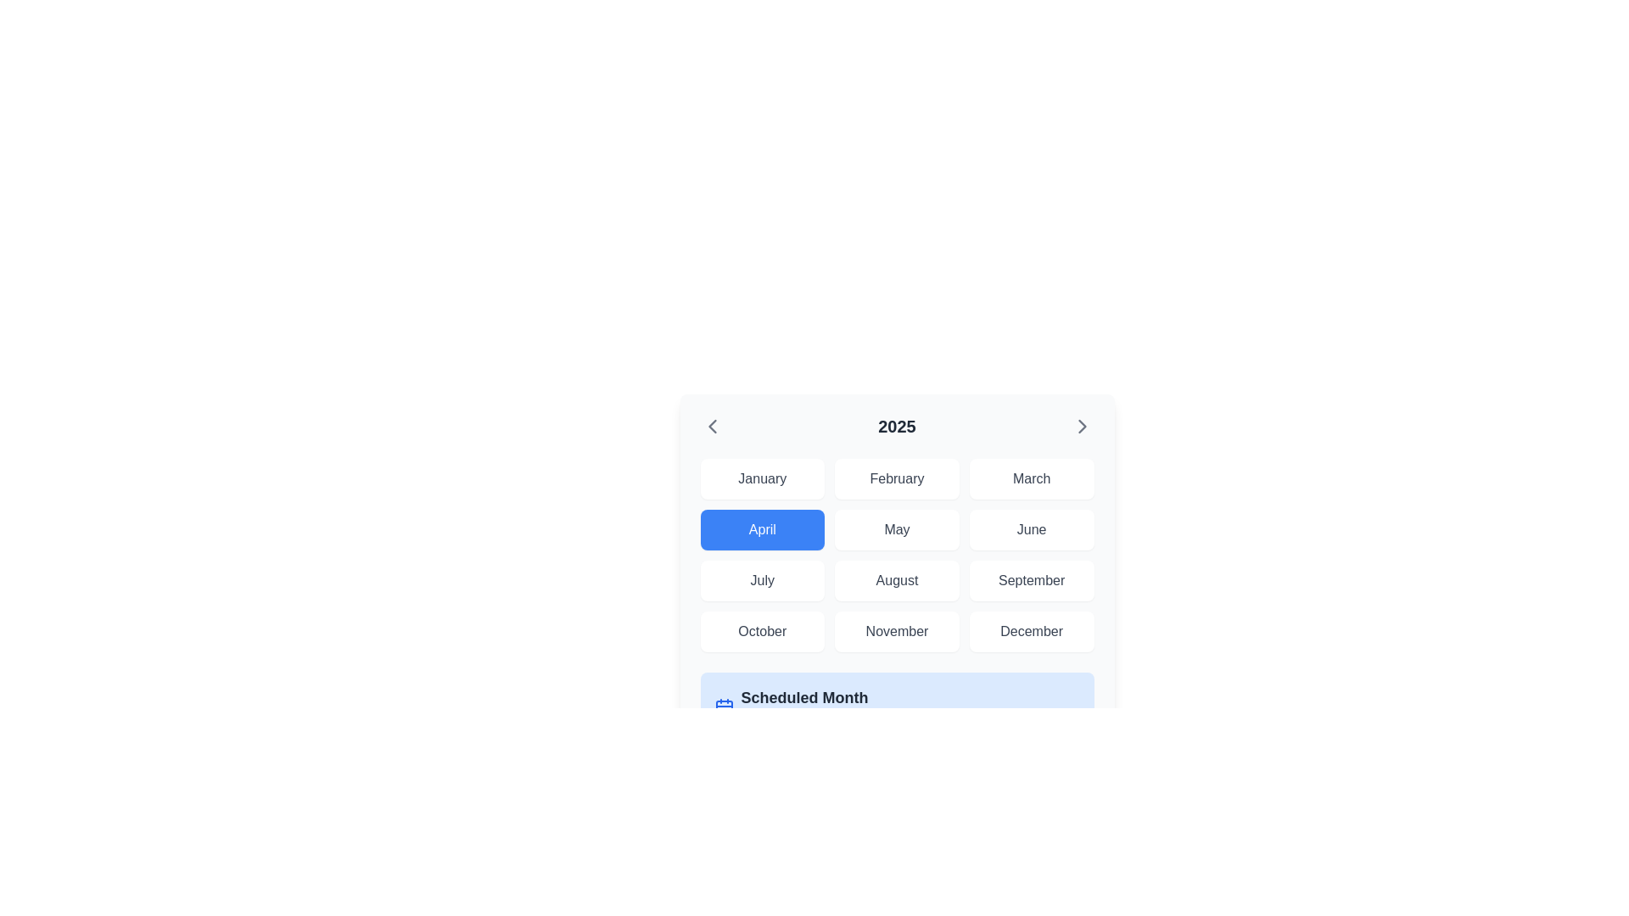 The width and height of the screenshot is (1629, 916). Describe the element at coordinates (1031, 631) in the screenshot. I see `the 'December' button, which is the 12th button in a grid of month buttons, located at the bottom-right corner of the grid adjacent to the 'November' button` at that location.